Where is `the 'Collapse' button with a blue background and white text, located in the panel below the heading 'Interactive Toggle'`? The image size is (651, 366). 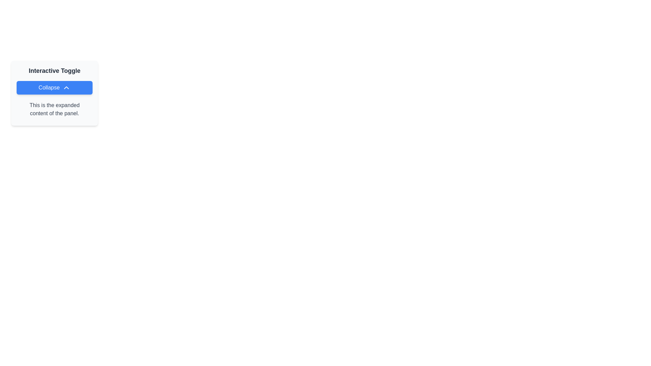 the 'Collapse' button with a blue background and white text, located in the panel below the heading 'Interactive Toggle' is located at coordinates (55, 93).